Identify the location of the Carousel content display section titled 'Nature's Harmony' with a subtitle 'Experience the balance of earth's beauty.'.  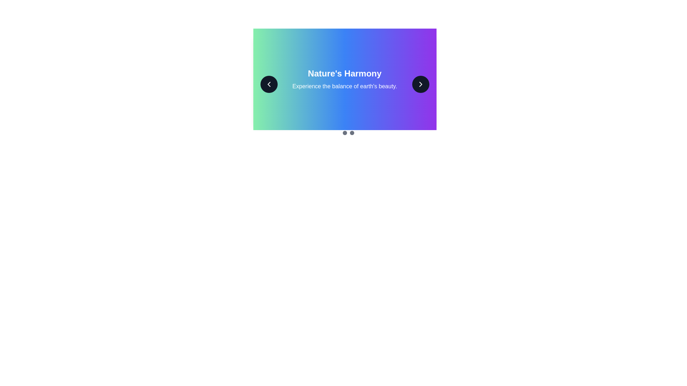
(345, 84).